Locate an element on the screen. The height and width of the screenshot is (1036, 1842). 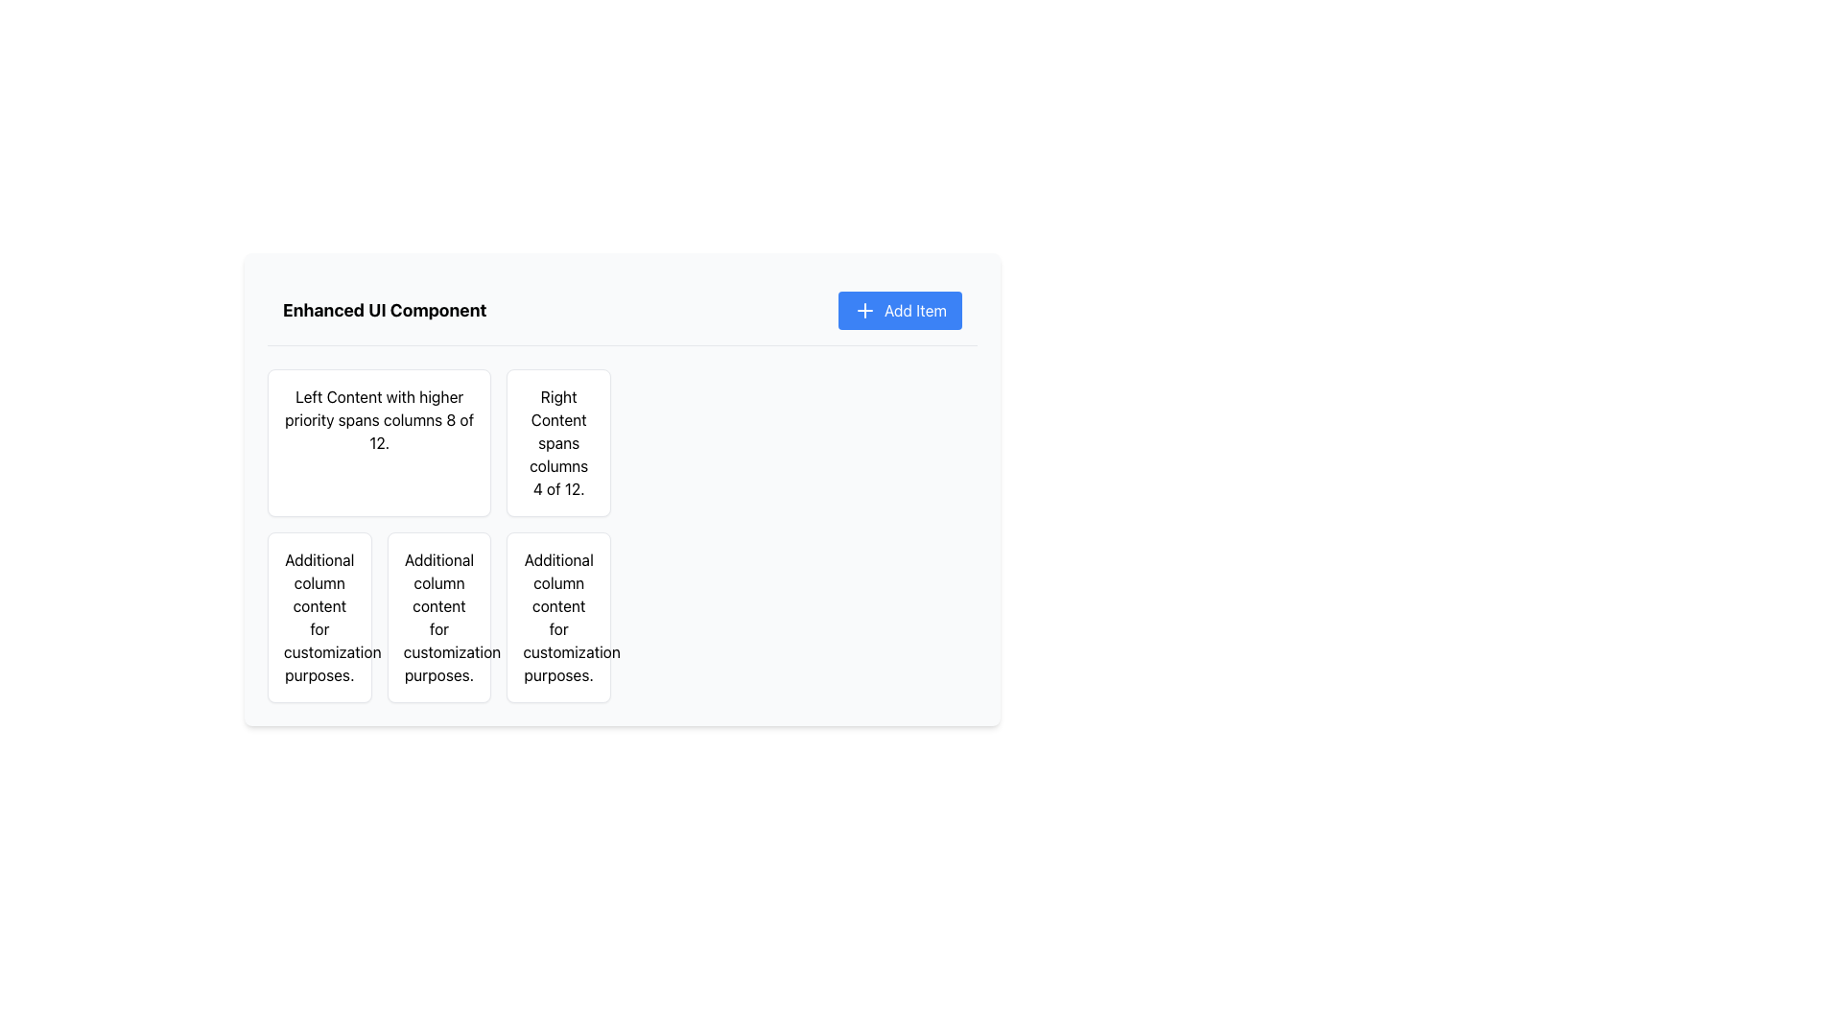
the stylized 'plus' icon located within the blue button labeled 'Add Item' in the top-right corner of the UI is located at coordinates (864, 310).